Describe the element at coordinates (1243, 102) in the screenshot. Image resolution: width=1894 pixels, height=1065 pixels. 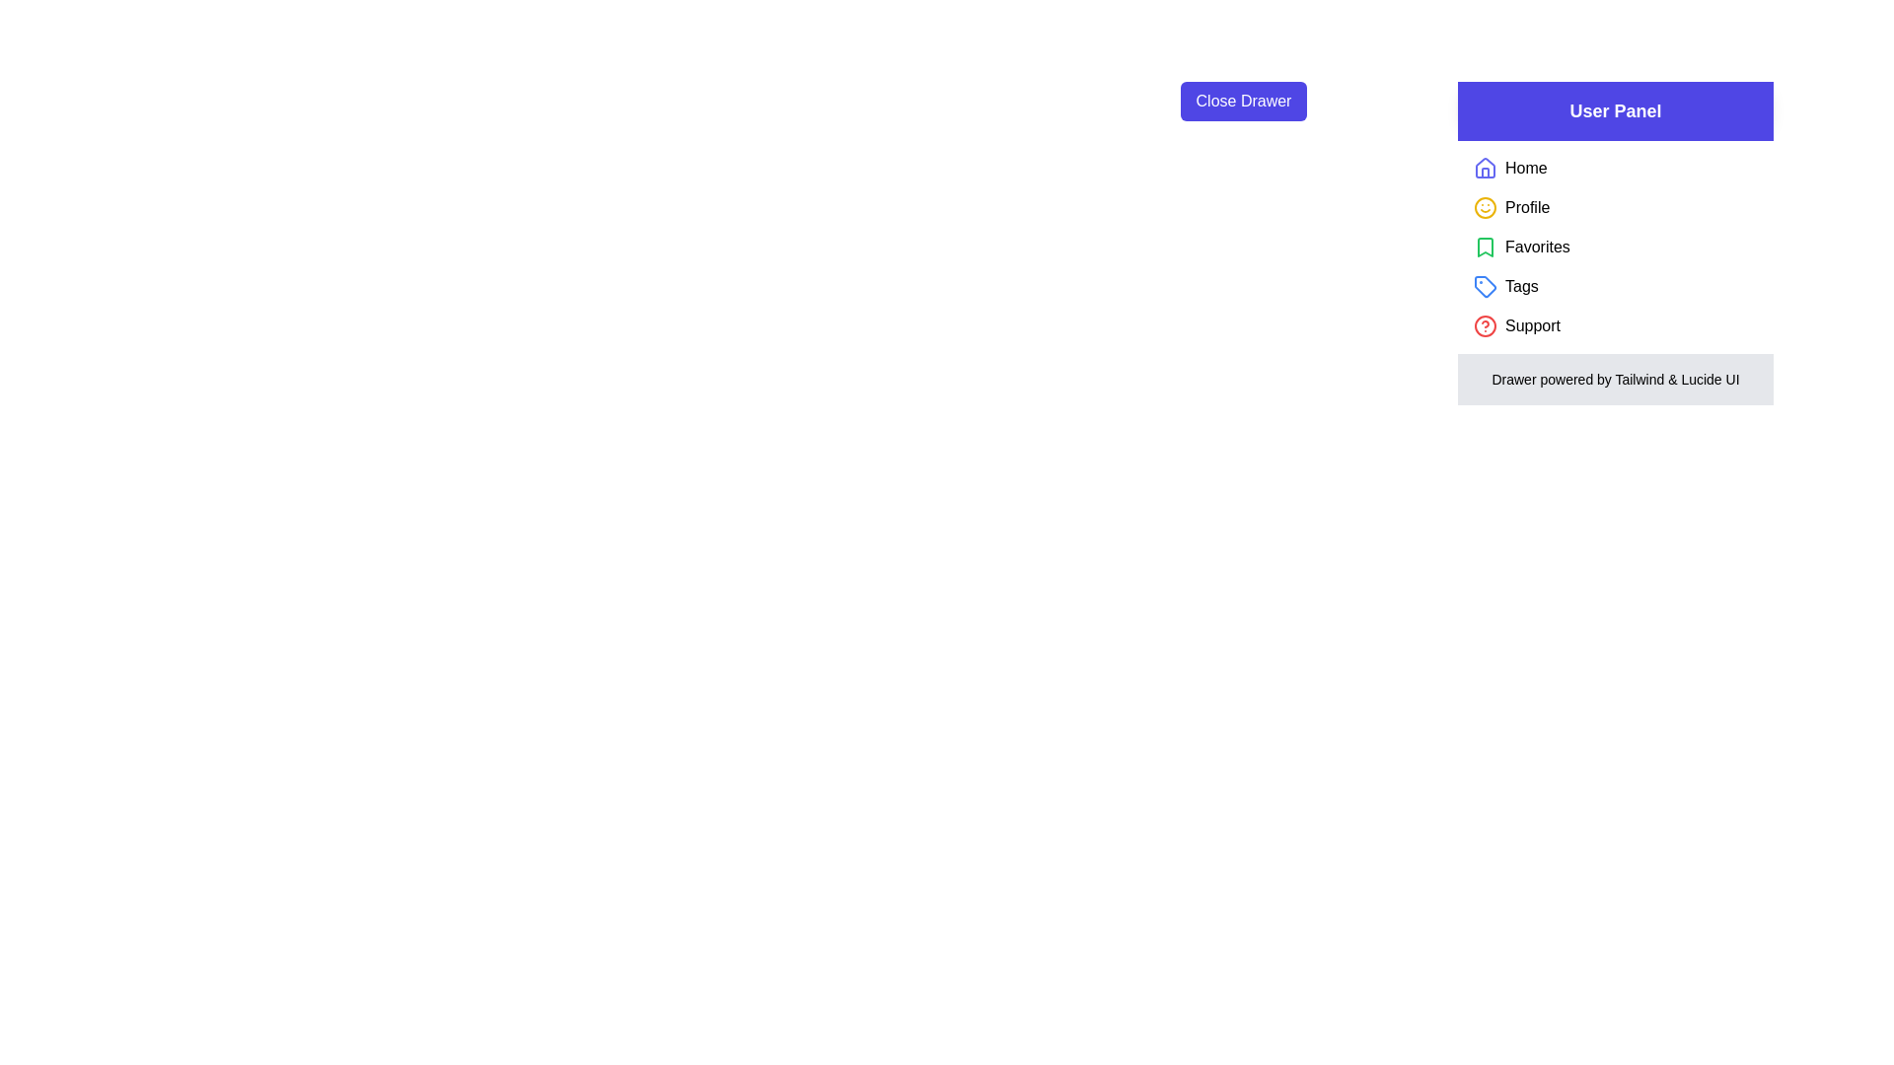
I see `the 'Close Drawer' button to toggle the drawer visibility` at that location.